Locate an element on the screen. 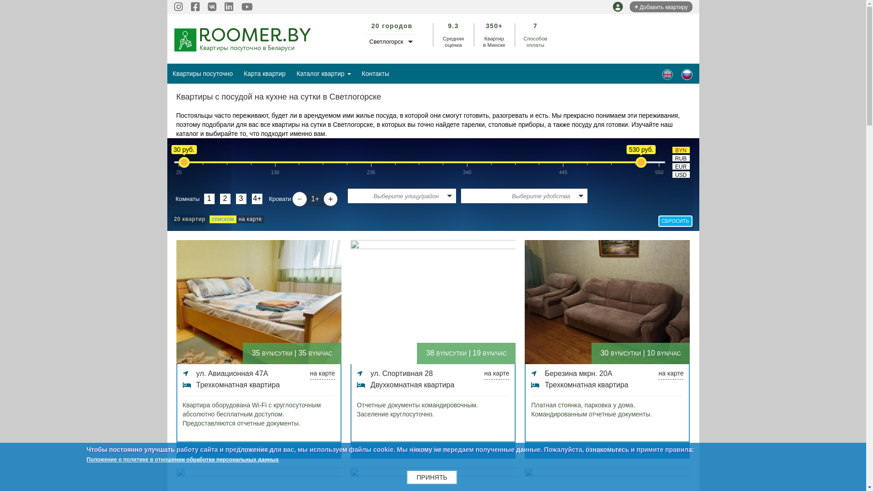 This screenshot has width=873, height=491. 'Dishes' is located at coordinates (667, 74).